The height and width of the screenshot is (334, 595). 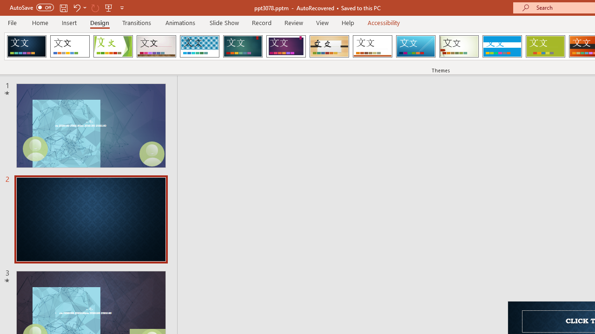 I want to click on 'Wisp', so click(x=459, y=46).